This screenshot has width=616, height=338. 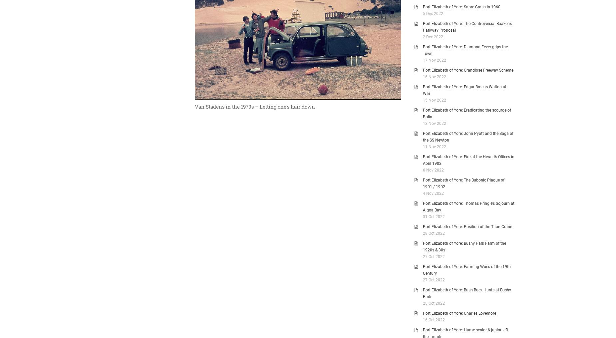 What do you see at coordinates (434, 60) in the screenshot?
I see `'17 Nov 2022'` at bounding box center [434, 60].